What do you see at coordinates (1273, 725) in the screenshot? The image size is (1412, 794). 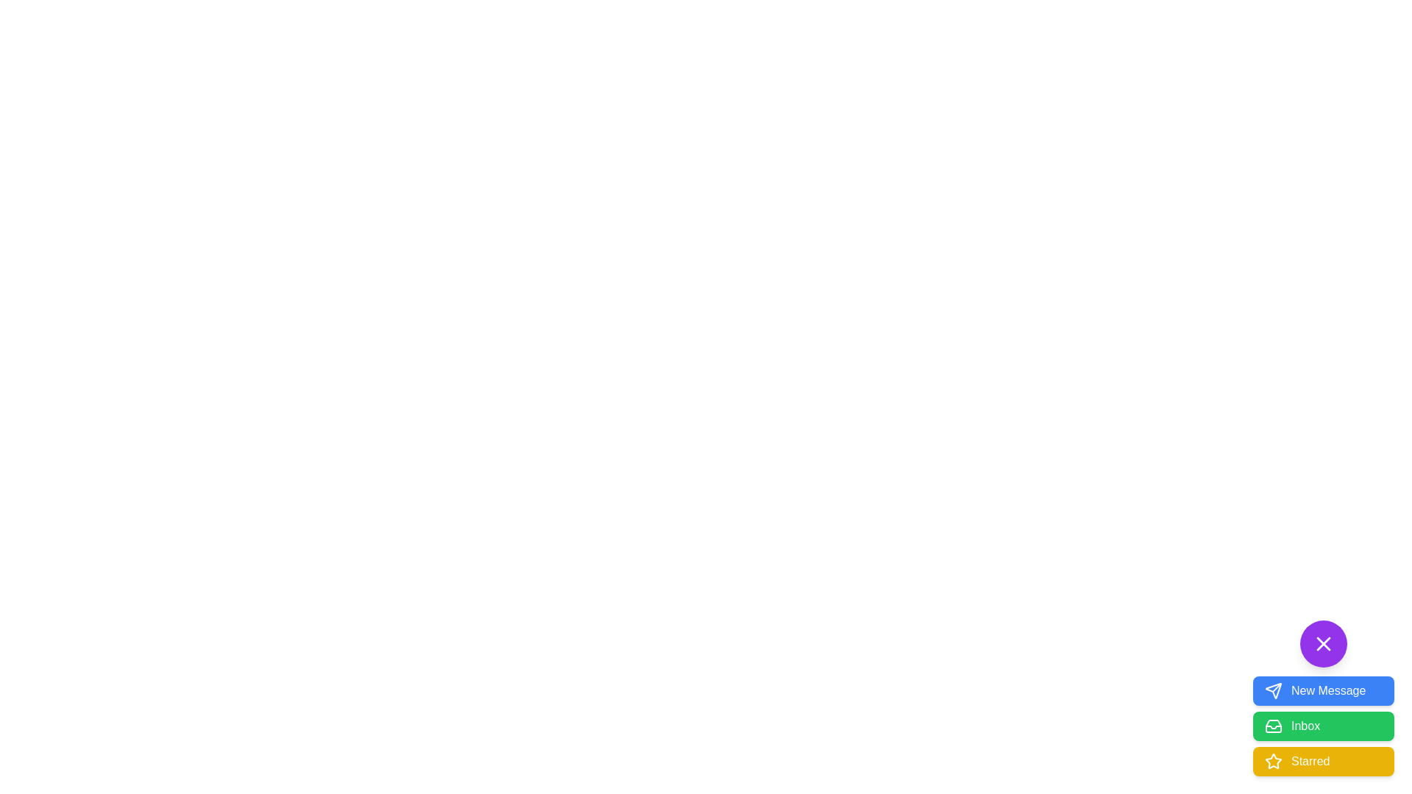 I see `the green inbox icon, which is a minimalistic outline of an open box located within the green 'Inbox' button, positioned below the 'New Message' button and above the 'Starred' button in the bottom right corner of the interface` at bounding box center [1273, 725].